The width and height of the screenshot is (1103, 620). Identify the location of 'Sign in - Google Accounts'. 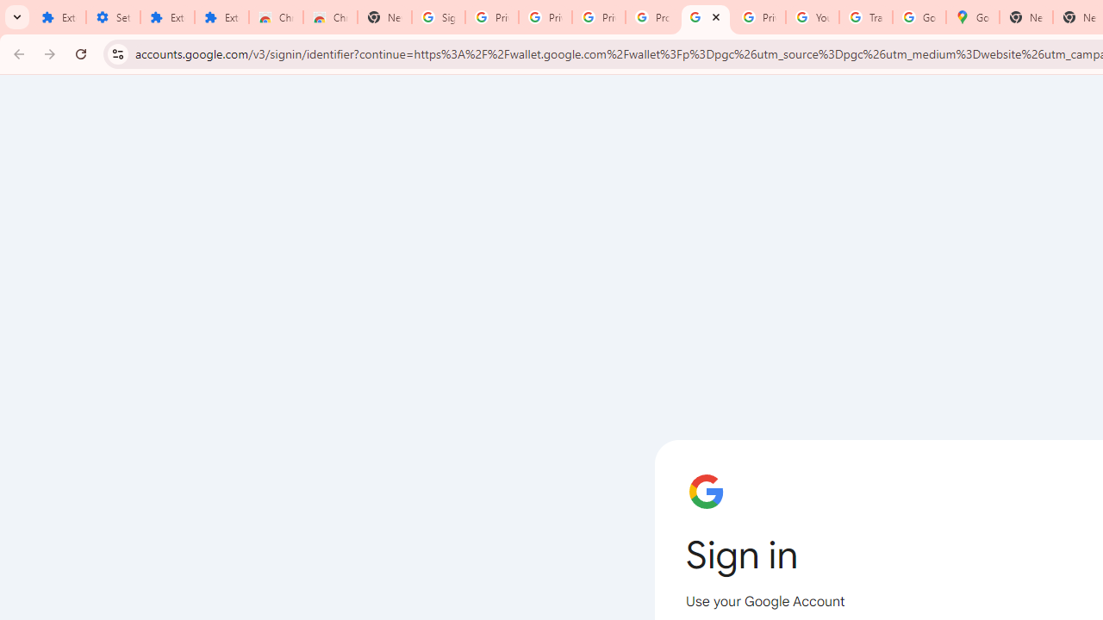
(706, 17).